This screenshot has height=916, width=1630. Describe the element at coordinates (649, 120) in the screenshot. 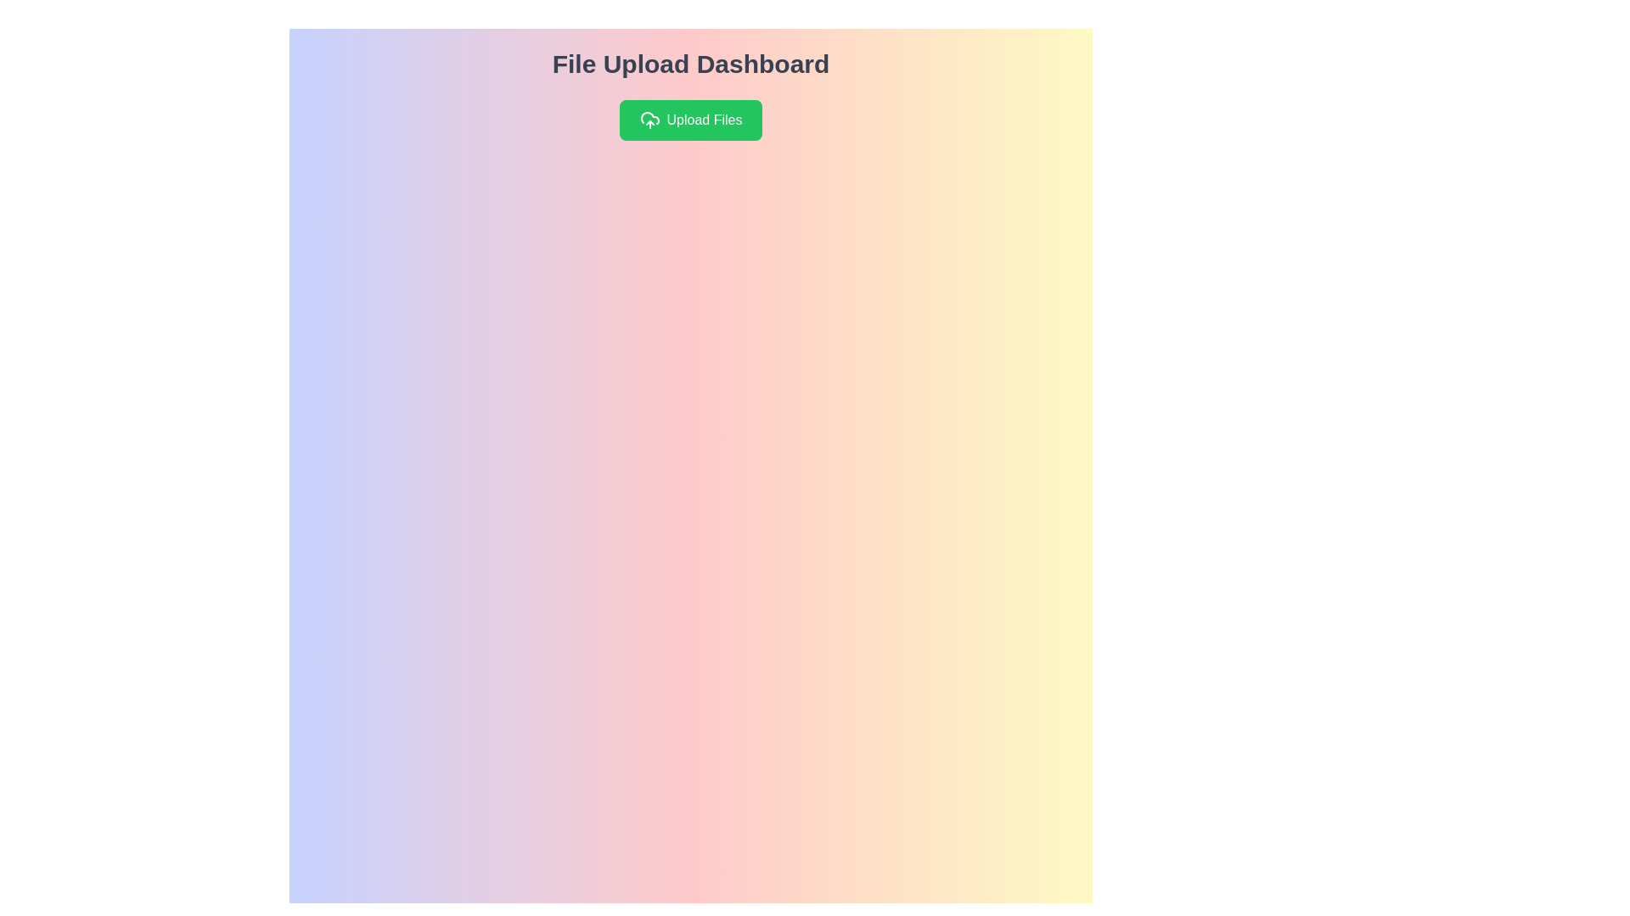

I see `the cloud-shaped SVG icon with an upward arrow, which is part of the green rectangular button labeled 'Upload Files'` at that location.